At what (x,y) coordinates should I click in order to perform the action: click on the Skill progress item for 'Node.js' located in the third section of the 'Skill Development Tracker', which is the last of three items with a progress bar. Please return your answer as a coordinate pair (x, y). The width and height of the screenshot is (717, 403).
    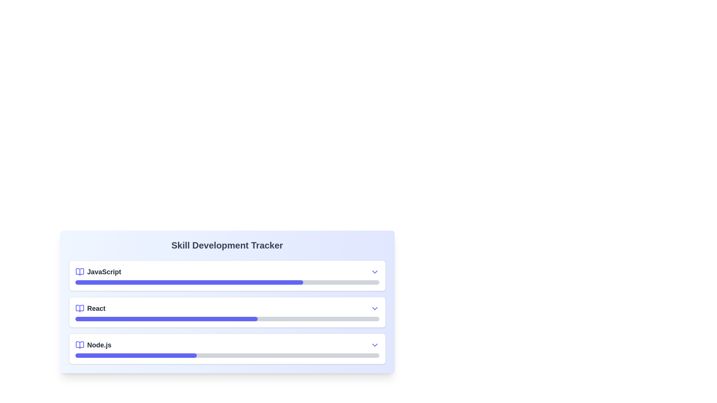
    Looking at the image, I should click on (227, 349).